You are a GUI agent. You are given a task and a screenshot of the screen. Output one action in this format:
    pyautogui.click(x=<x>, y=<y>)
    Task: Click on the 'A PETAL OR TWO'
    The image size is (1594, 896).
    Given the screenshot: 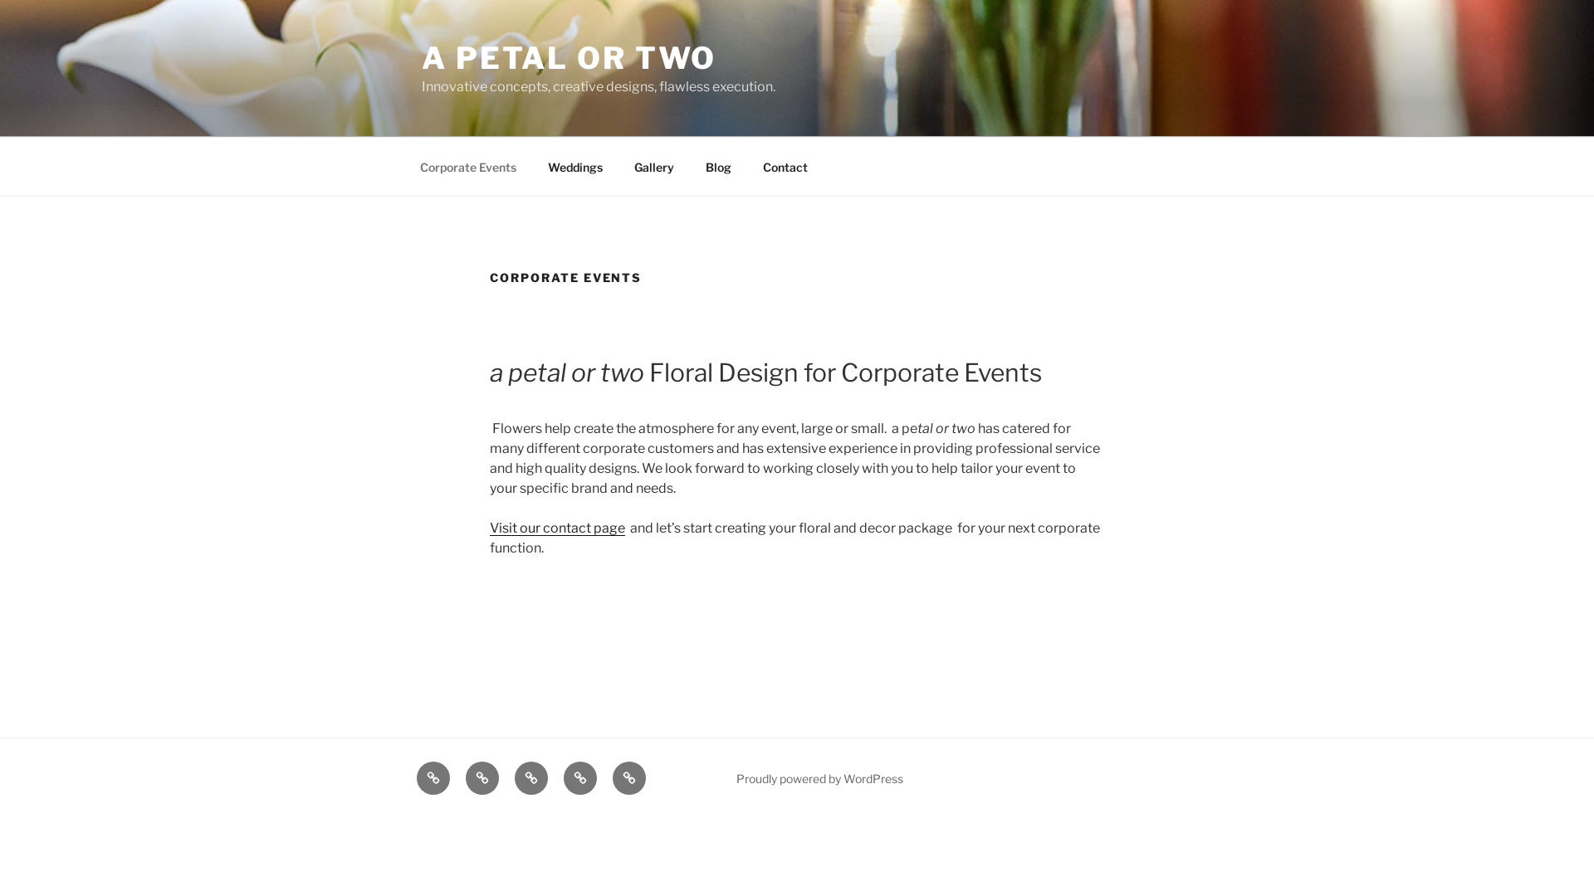 What is the action you would take?
    pyautogui.click(x=422, y=56)
    